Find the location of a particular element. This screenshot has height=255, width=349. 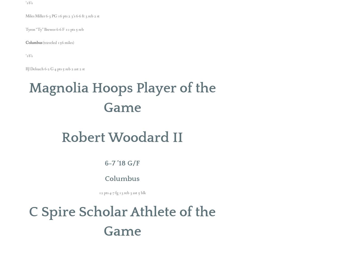

'Tyron “Ty” Brewer 6-6 F 10 pts 5 reb' is located at coordinates (55, 29).